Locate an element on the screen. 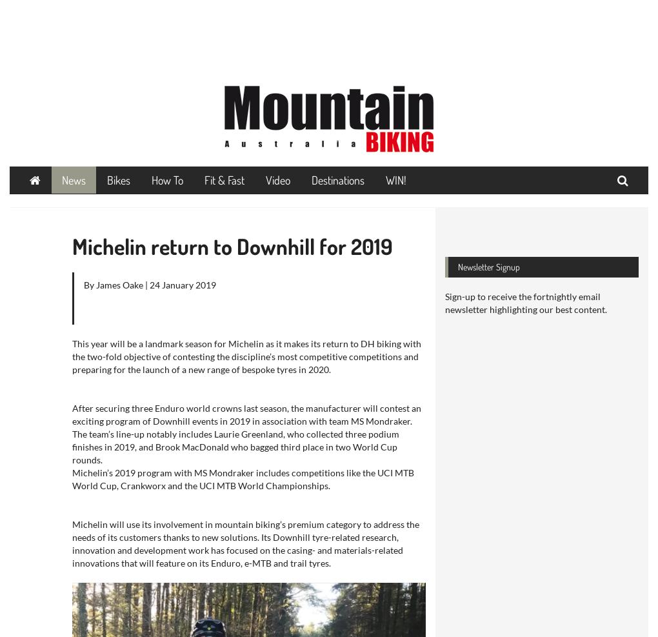  'Sign-up to receive the fortnightly email newsletter highlighting our best content.' is located at coordinates (526, 302).